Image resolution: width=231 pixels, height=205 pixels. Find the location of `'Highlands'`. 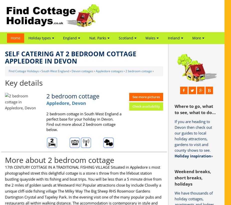

'Highlands' is located at coordinates (125, 65).